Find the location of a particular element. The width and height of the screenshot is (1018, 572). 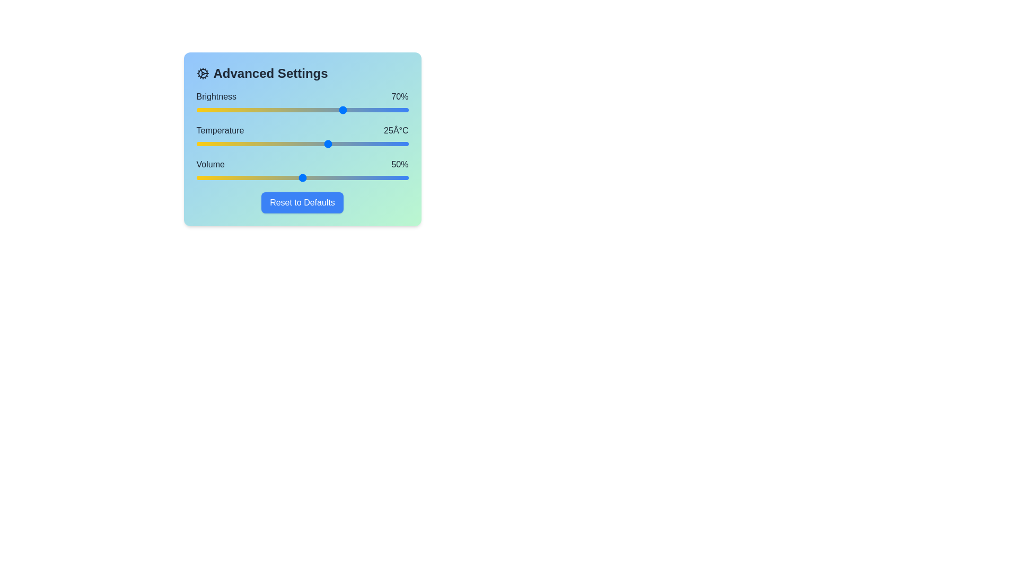

the brightness slider to 41% is located at coordinates (283, 110).